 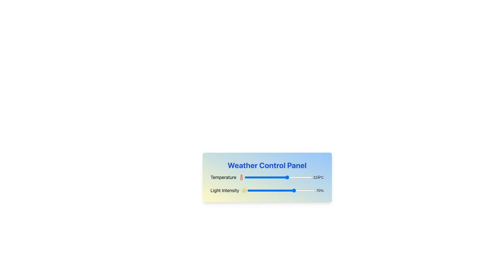 What do you see at coordinates (267, 188) in the screenshot?
I see `the 'Weather Control Panel', which is a light-themed rectangular panel with rounded corners, displaying 'Weather Control Panel' at the top and containing sliders for 'Temperature' and 'Light Intensity'` at bounding box center [267, 188].